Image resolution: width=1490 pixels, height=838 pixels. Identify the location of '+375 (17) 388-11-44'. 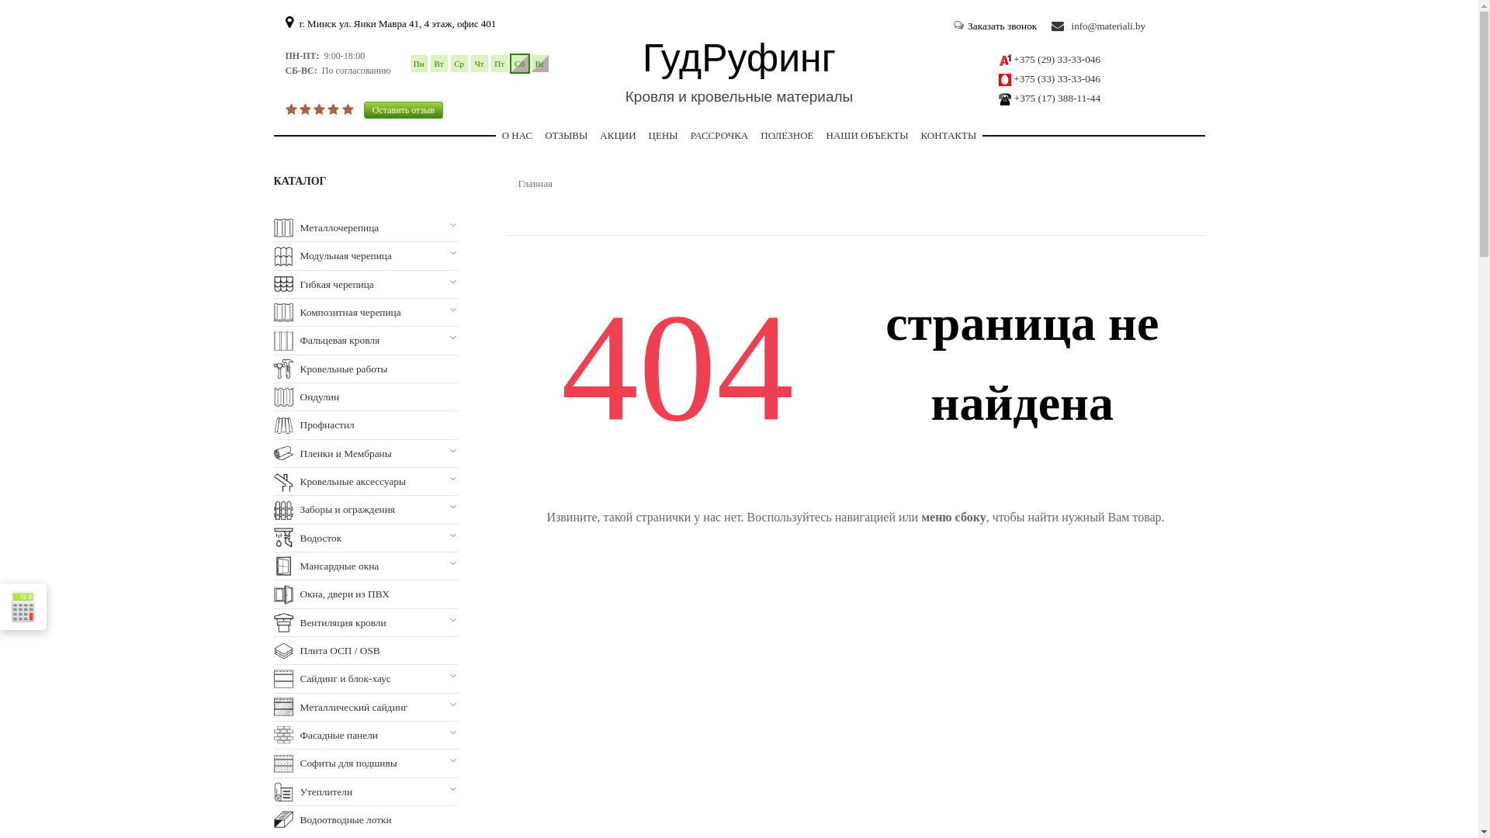
(1014, 98).